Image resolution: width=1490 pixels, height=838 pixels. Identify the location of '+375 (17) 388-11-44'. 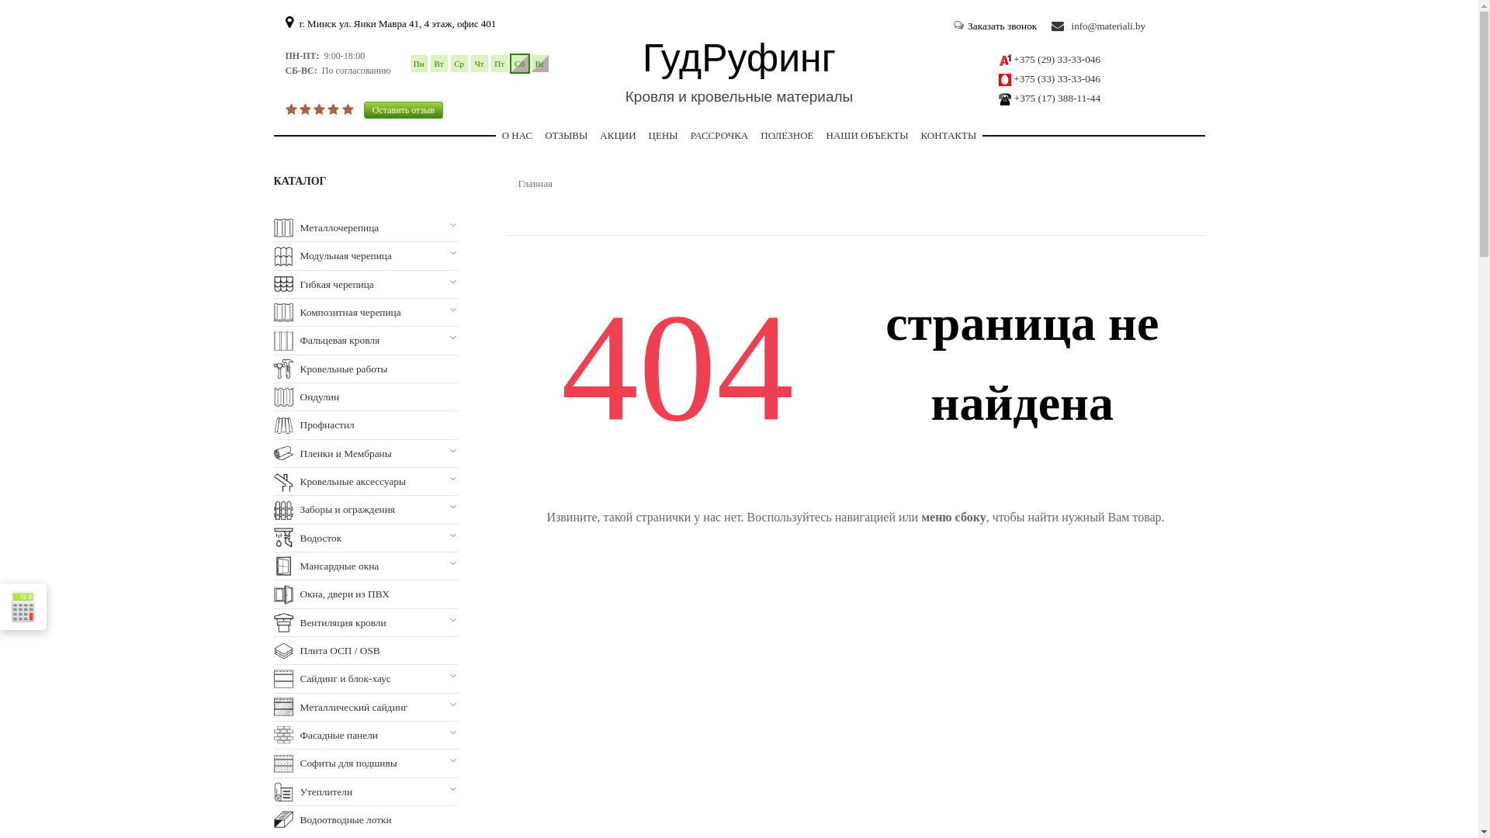
(1014, 98).